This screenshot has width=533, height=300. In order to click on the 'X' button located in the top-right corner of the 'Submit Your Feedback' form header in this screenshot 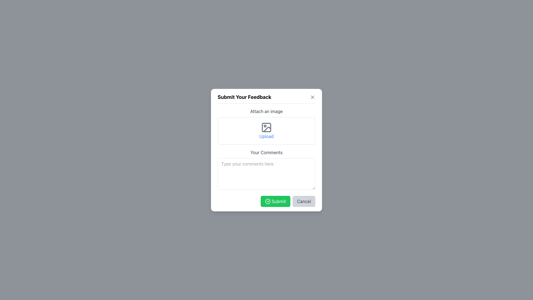, I will do `click(313, 97)`.